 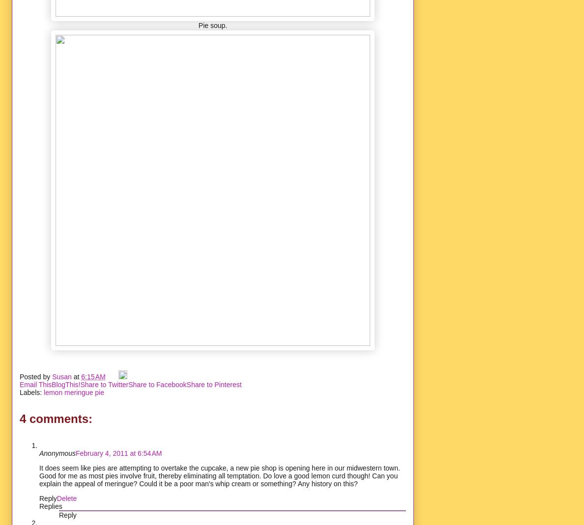 I want to click on 'lemon meringue pie', so click(x=74, y=392).